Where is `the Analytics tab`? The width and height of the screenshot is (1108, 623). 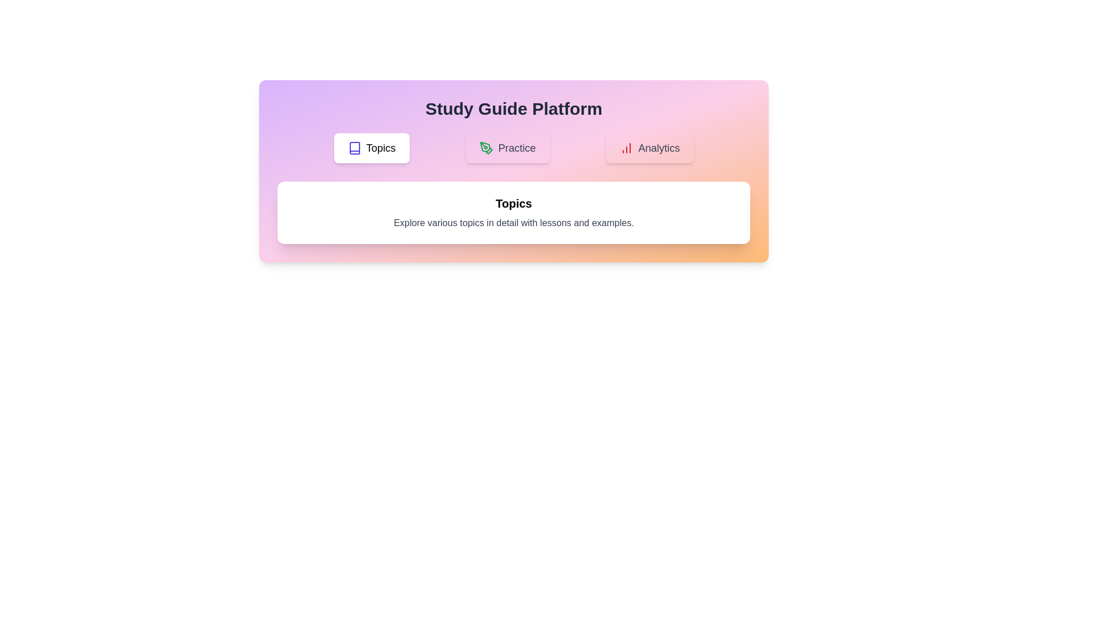 the Analytics tab is located at coordinates (650, 148).